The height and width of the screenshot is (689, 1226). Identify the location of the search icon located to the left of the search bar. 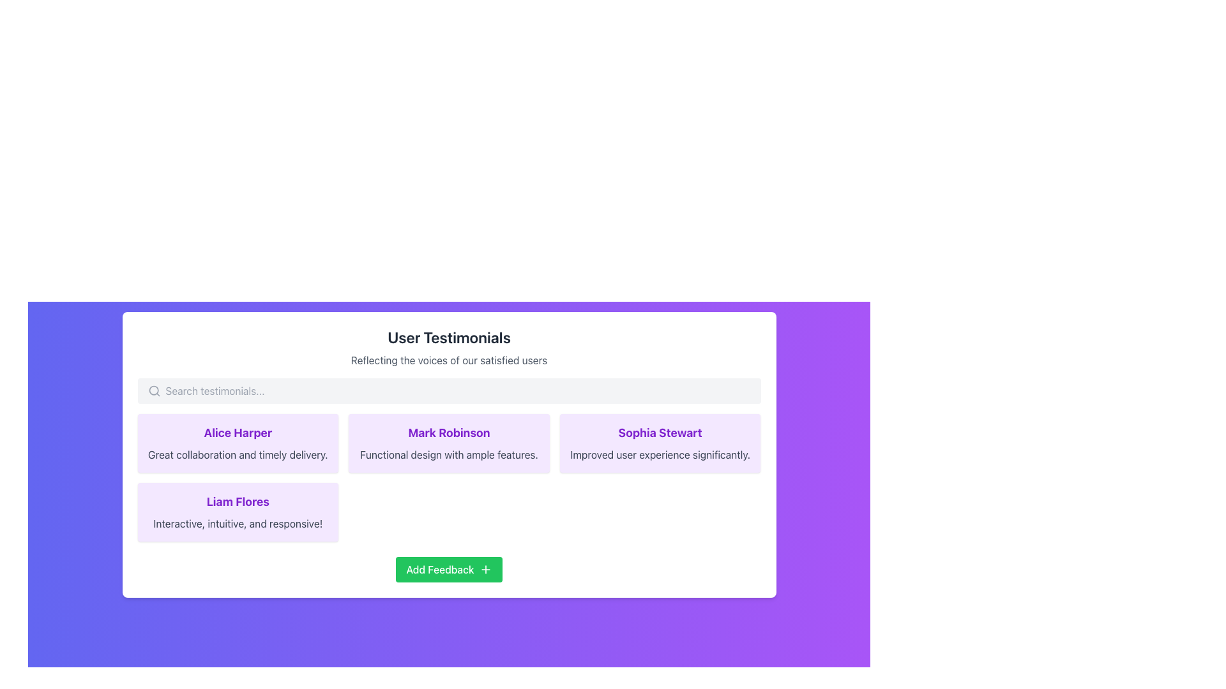
(153, 390).